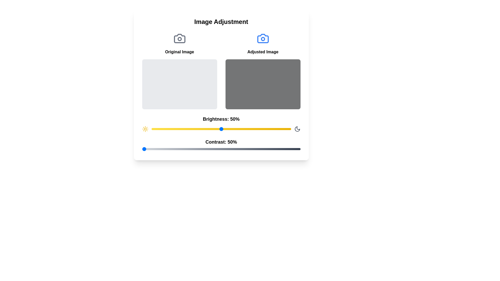 This screenshot has width=500, height=281. What do you see at coordinates (221, 149) in the screenshot?
I see `the movable circular knob of the horizontal slider input bar, located beneath the text 'Contrast: 50%'` at bounding box center [221, 149].